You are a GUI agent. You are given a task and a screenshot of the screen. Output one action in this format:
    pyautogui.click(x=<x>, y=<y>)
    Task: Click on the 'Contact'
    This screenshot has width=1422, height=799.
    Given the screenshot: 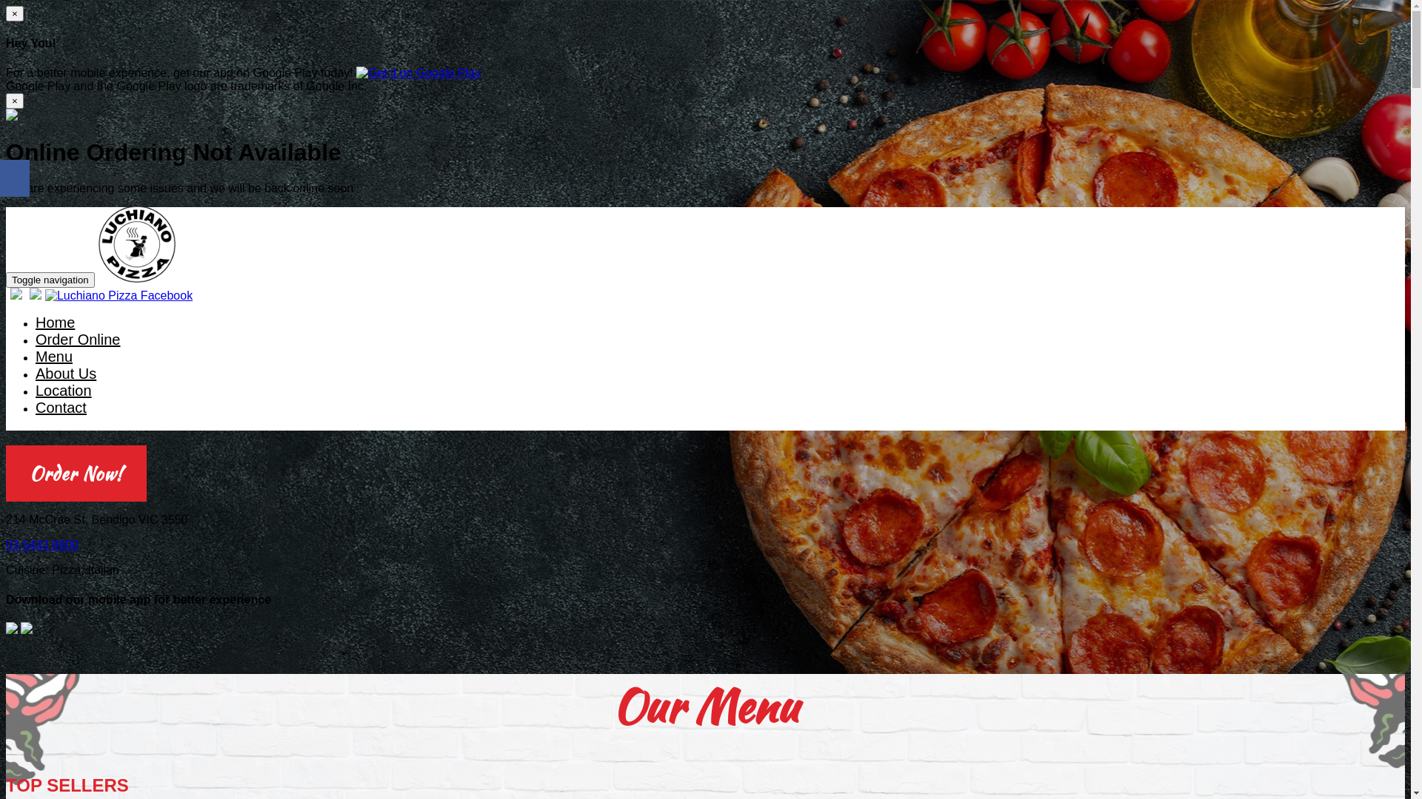 What is the action you would take?
    pyautogui.click(x=60, y=408)
    